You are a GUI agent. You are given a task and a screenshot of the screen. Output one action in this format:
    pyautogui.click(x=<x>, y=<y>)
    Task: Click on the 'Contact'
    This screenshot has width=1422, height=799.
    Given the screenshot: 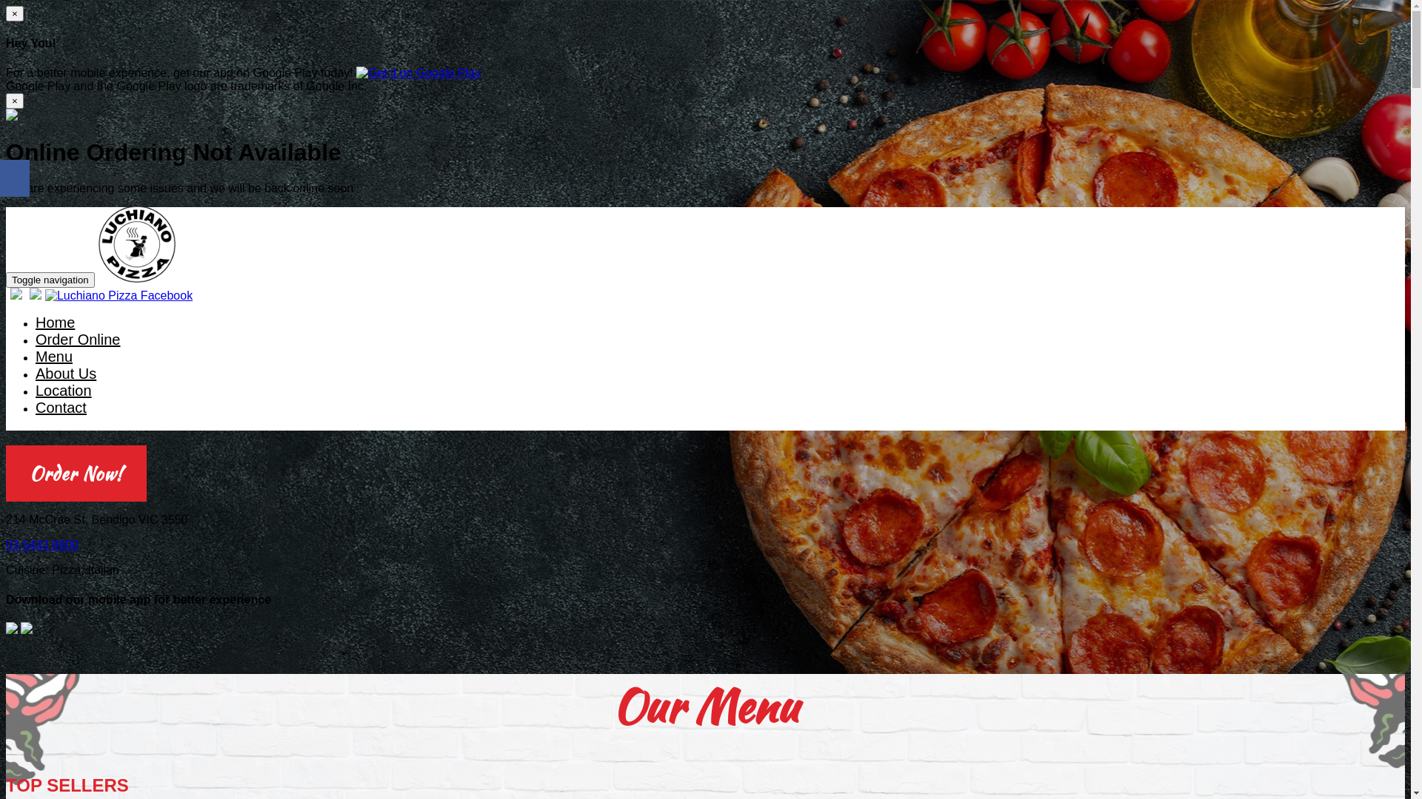 What is the action you would take?
    pyautogui.click(x=60, y=408)
    